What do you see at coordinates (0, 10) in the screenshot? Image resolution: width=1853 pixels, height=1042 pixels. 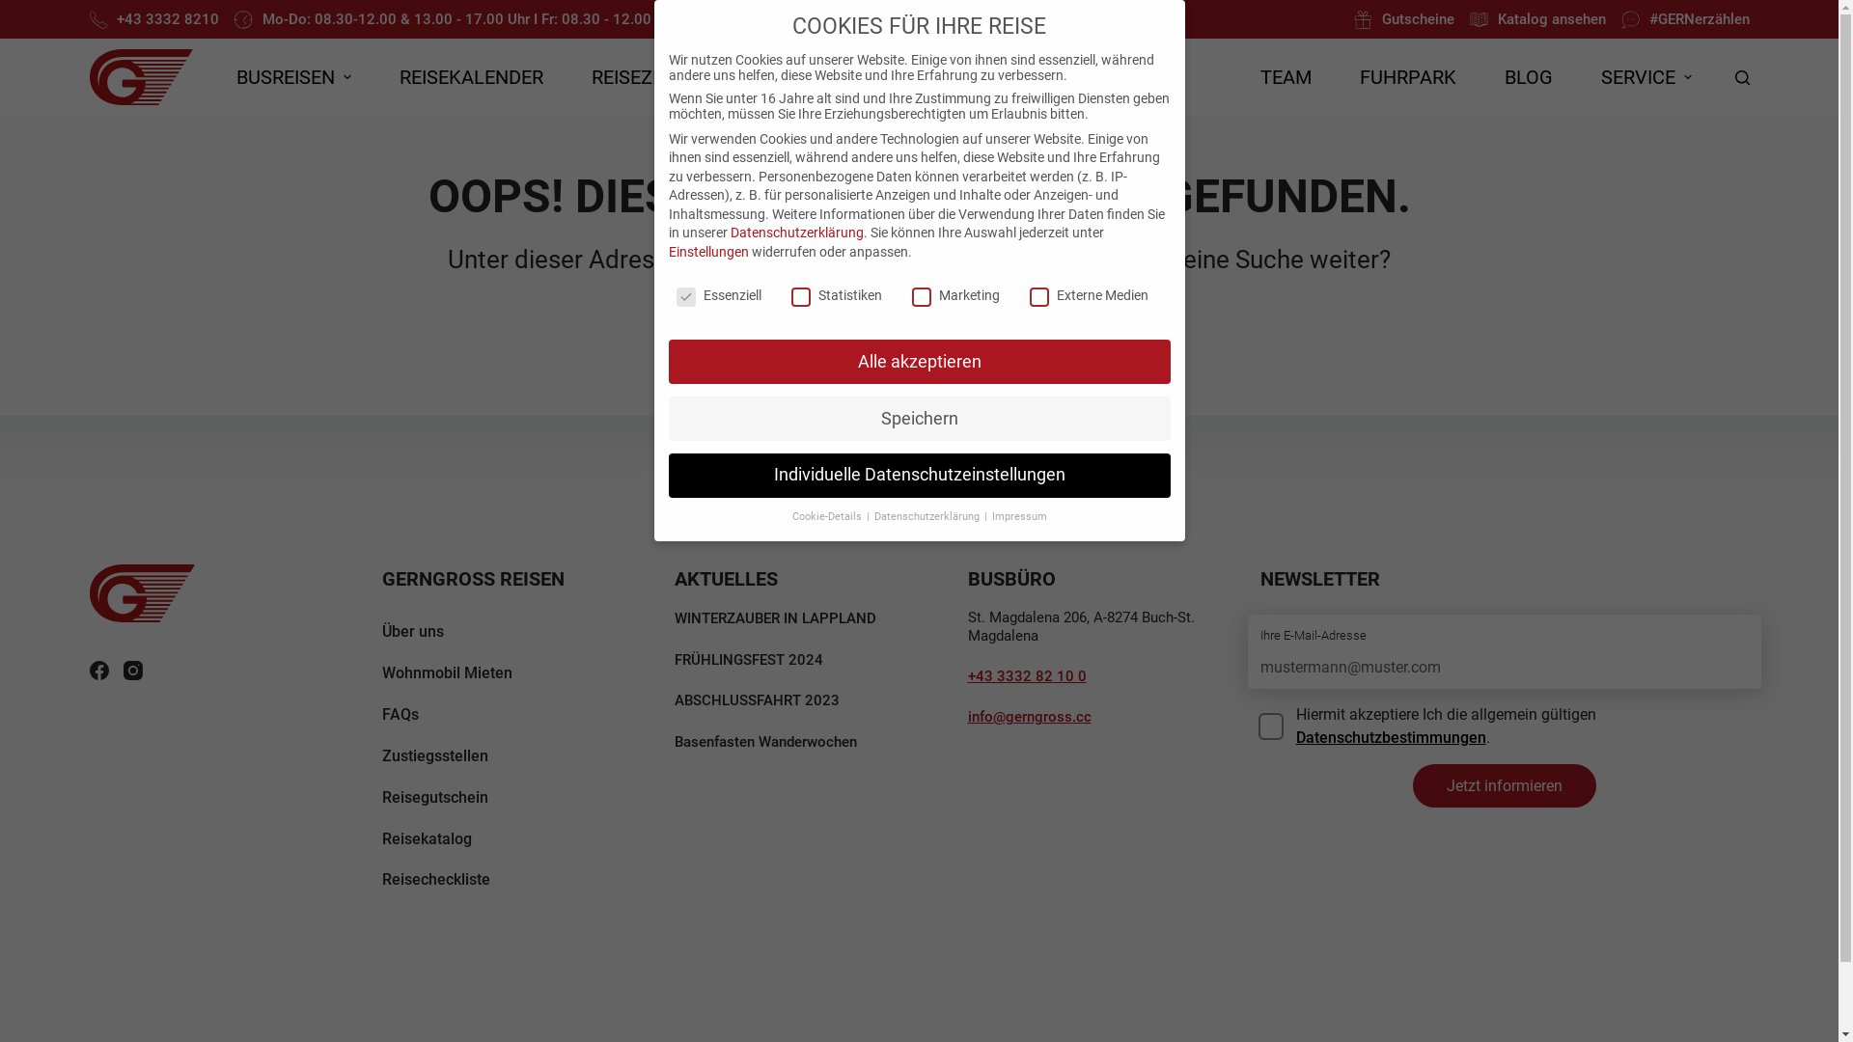 I see `'Zum Inhalt springen'` at bounding box center [0, 10].